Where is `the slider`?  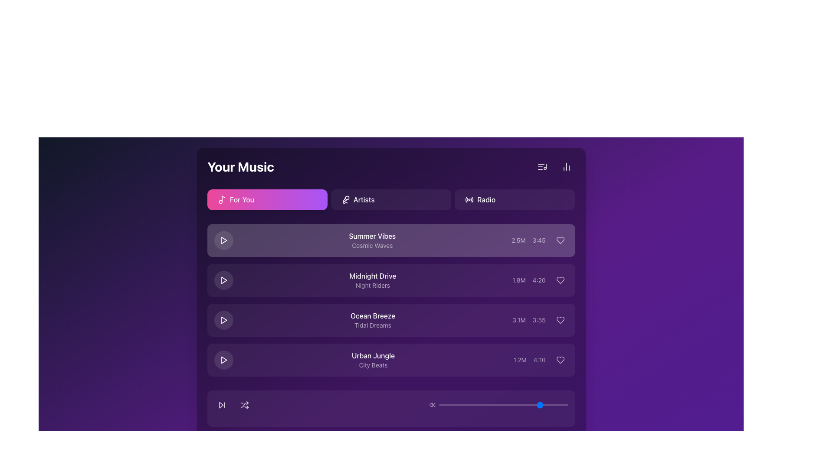
the slider is located at coordinates (545, 405).